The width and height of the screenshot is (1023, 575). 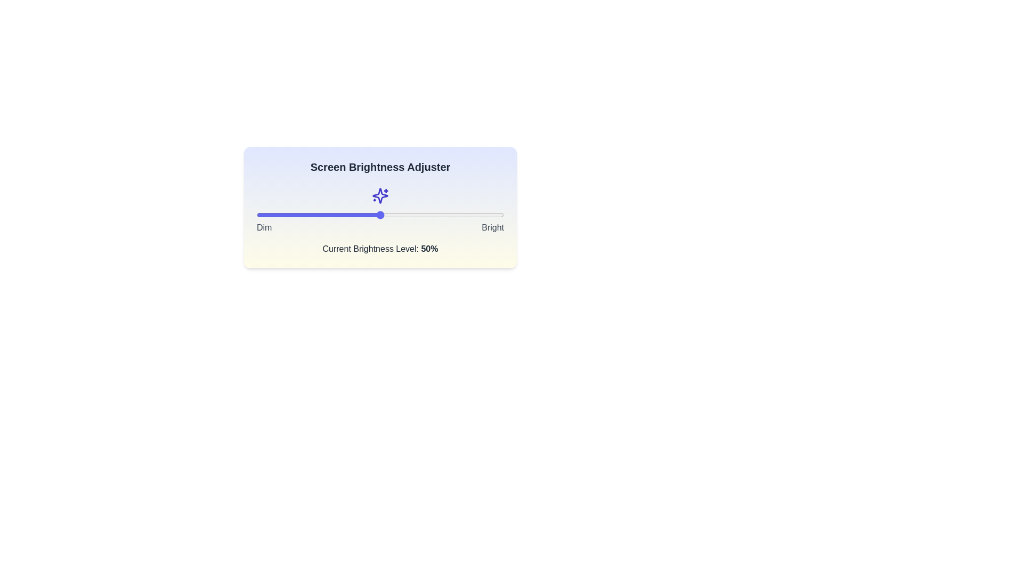 I want to click on the brightness slider to 85% to observe the icon change, so click(x=467, y=215).